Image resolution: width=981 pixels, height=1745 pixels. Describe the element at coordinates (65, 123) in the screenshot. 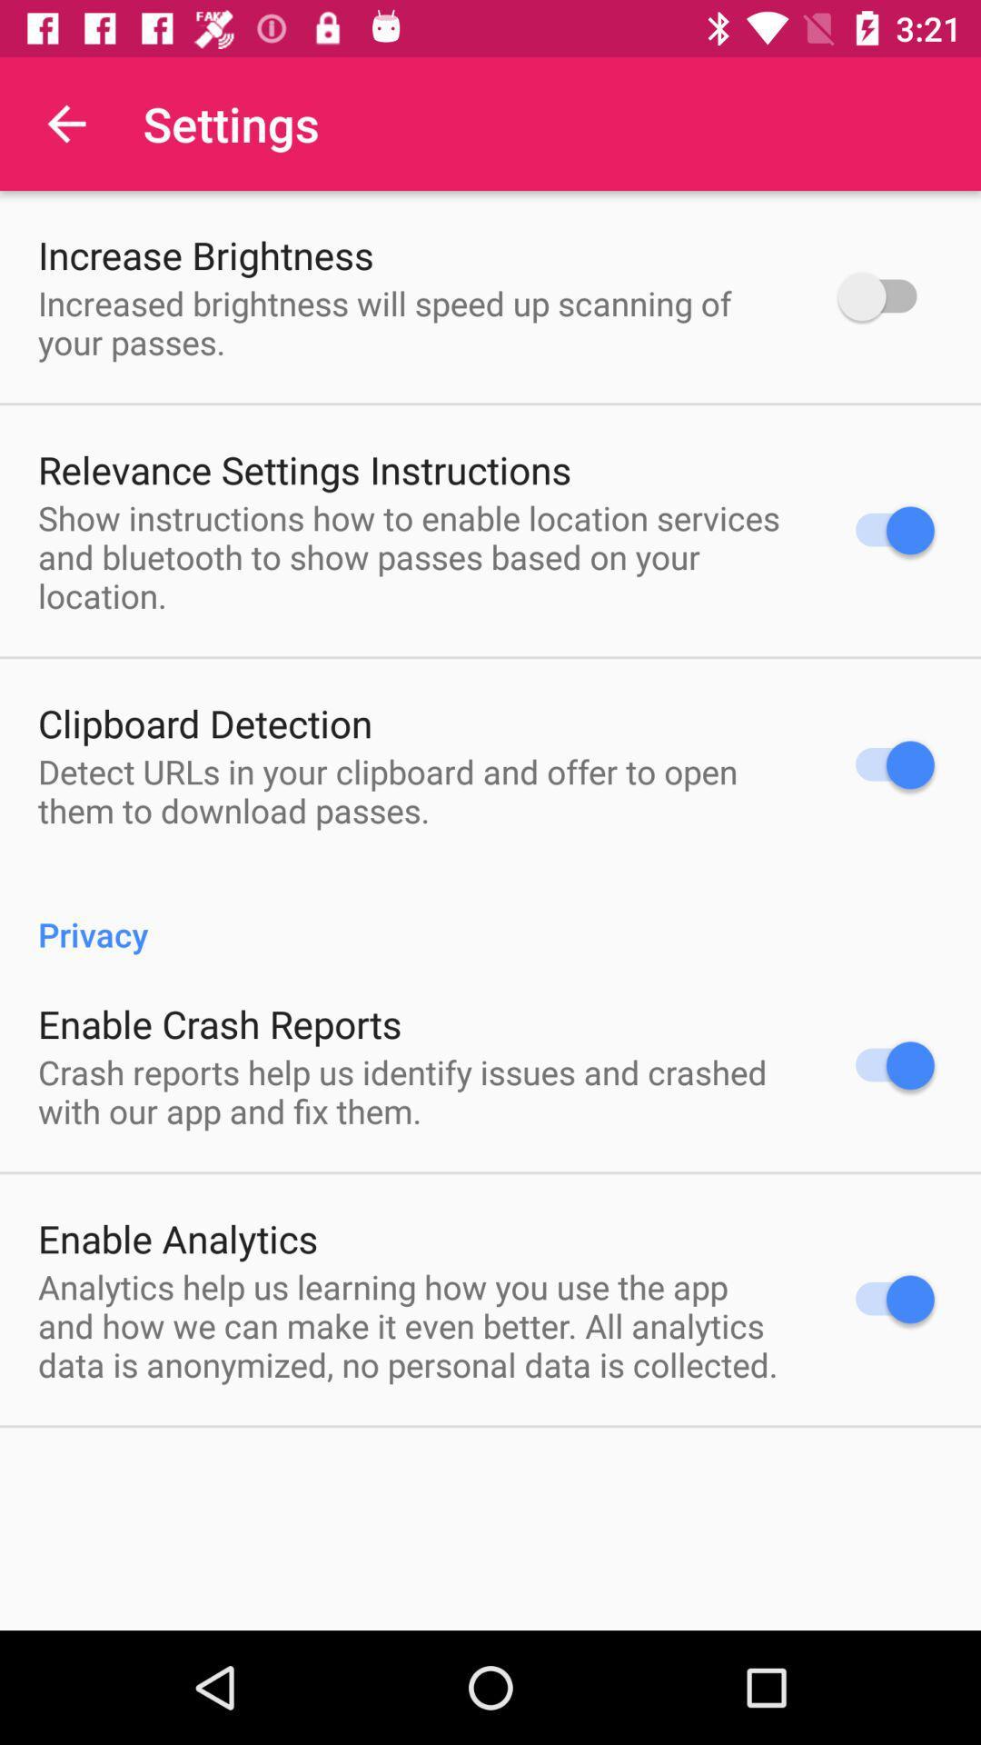

I see `item above the increase brightness item` at that location.